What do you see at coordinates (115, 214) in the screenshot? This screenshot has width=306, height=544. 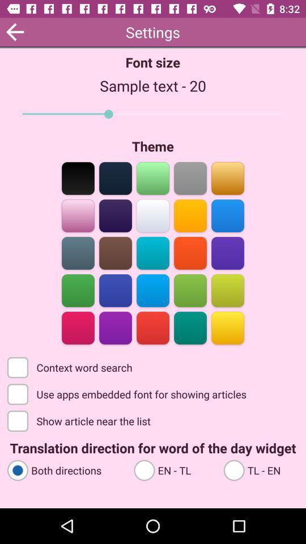 I see `changes the theme to blue` at bounding box center [115, 214].